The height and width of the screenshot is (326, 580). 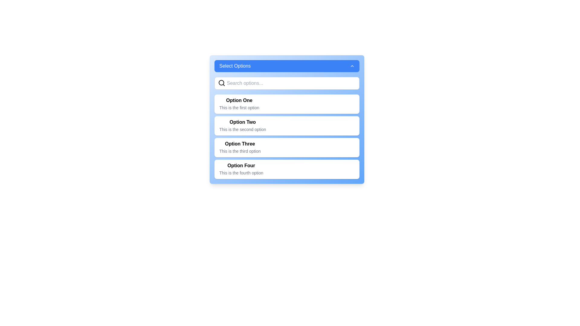 I want to click on the text element that reads 'This is the first option', which is located directly below 'Option One' in the dropdown menu, so click(x=239, y=107).